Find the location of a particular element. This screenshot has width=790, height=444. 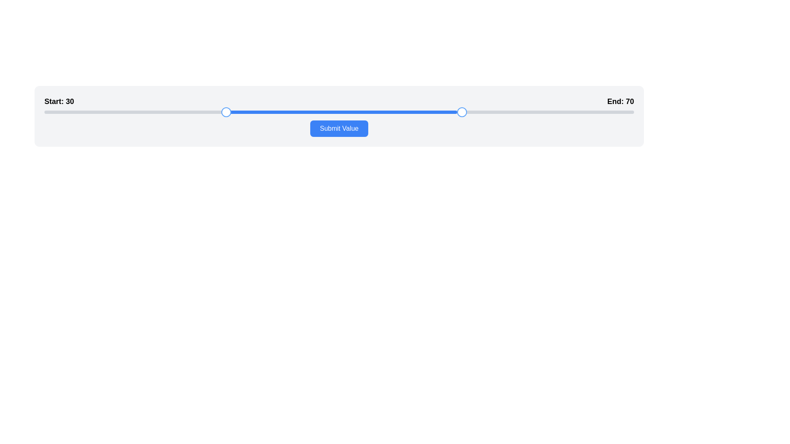

slider position is located at coordinates (132, 112).